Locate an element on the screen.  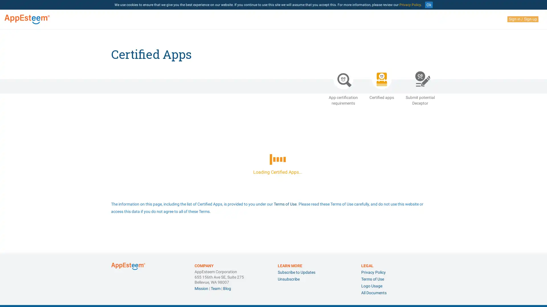
Previous is located at coordinates (403, 210).